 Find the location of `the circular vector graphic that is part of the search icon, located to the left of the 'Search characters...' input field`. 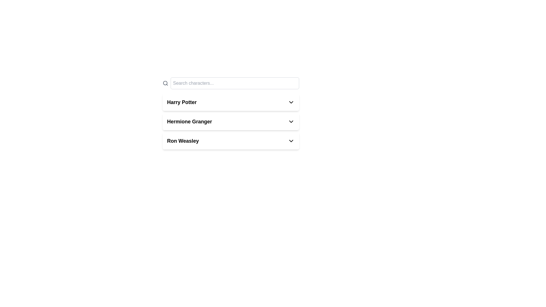

the circular vector graphic that is part of the search icon, located to the left of the 'Search characters...' input field is located at coordinates (165, 83).